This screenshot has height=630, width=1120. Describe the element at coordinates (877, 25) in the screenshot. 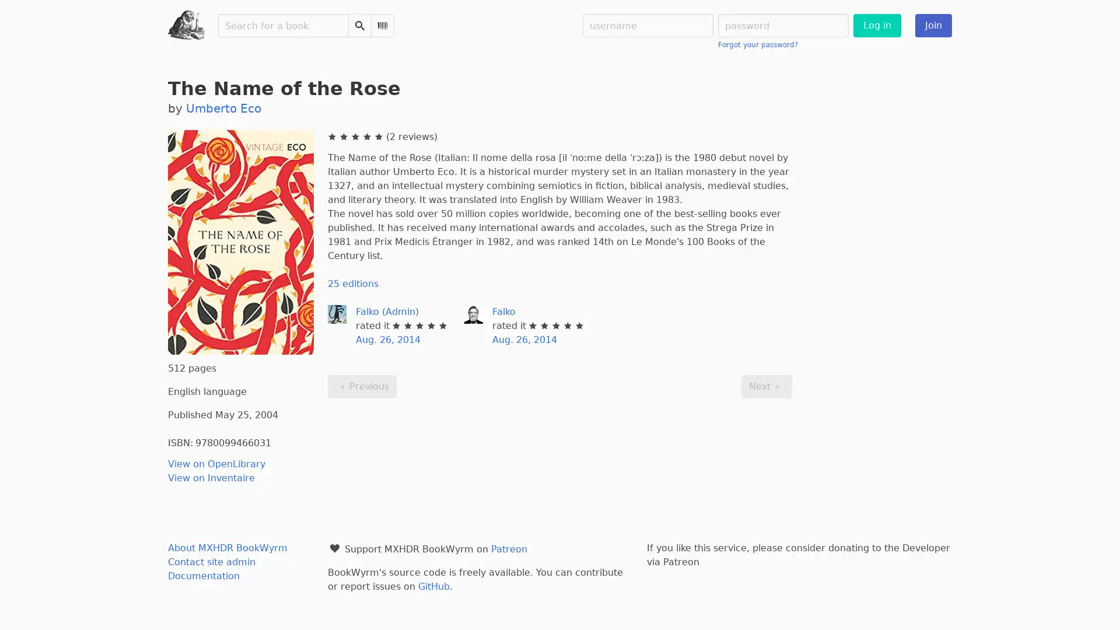

I see `Log in` at that location.